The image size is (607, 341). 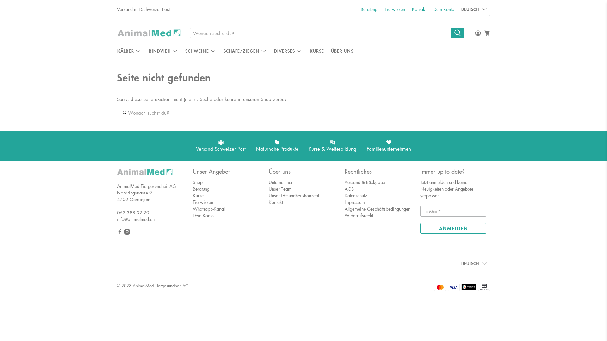 What do you see at coordinates (200, 51) in the screenshot?
I see `'SCHWEINE'` at bounding box center [200, 51].